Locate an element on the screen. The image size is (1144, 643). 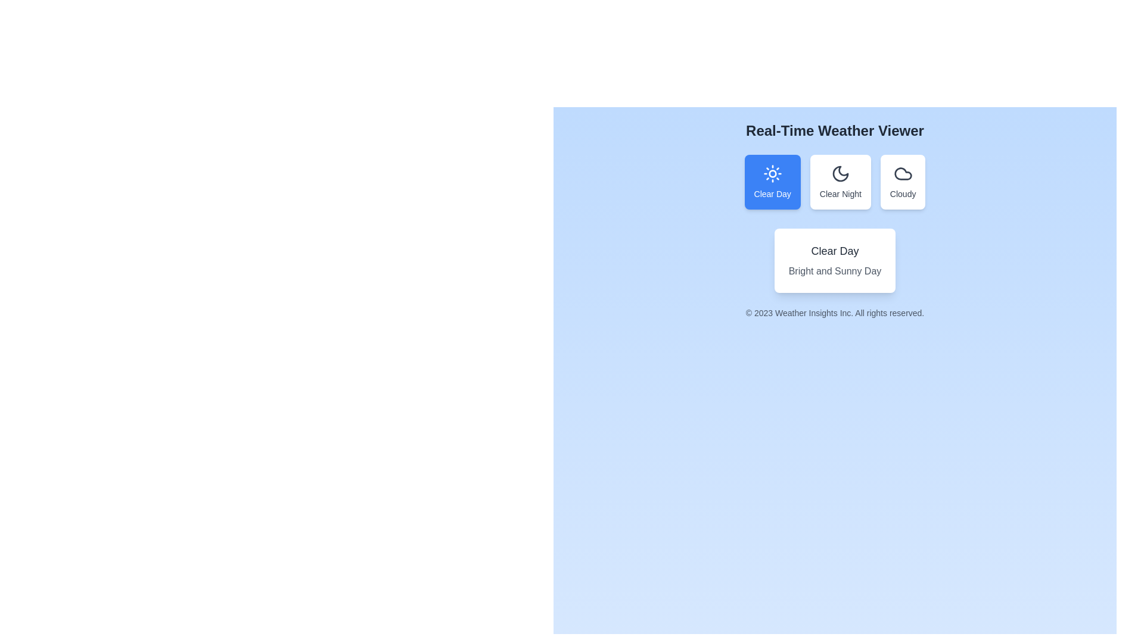
the crescent moon-shaped icon, which is dark gray and located in the upper half of the 'Clear Night' card, positioned between 'Clear Day' and 'Cloudy' weather cards is located at coordinates (840, 174).